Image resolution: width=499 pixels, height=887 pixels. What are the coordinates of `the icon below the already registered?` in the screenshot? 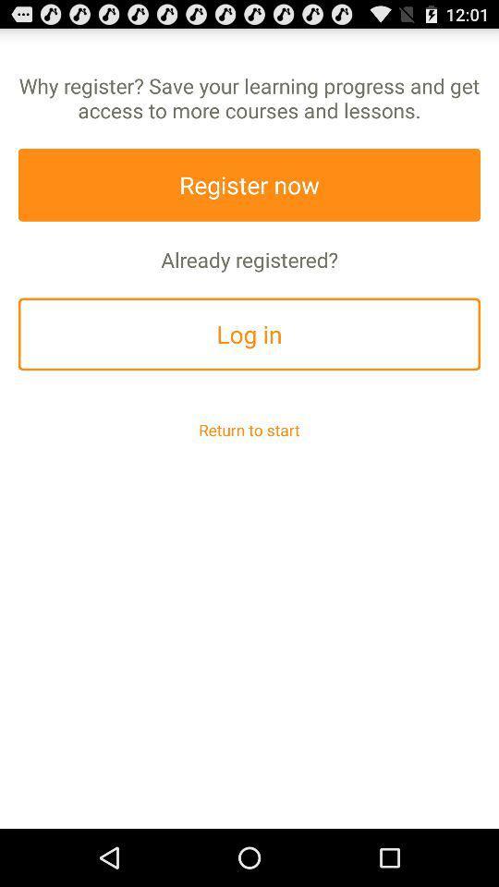 It's located at (249, 333).